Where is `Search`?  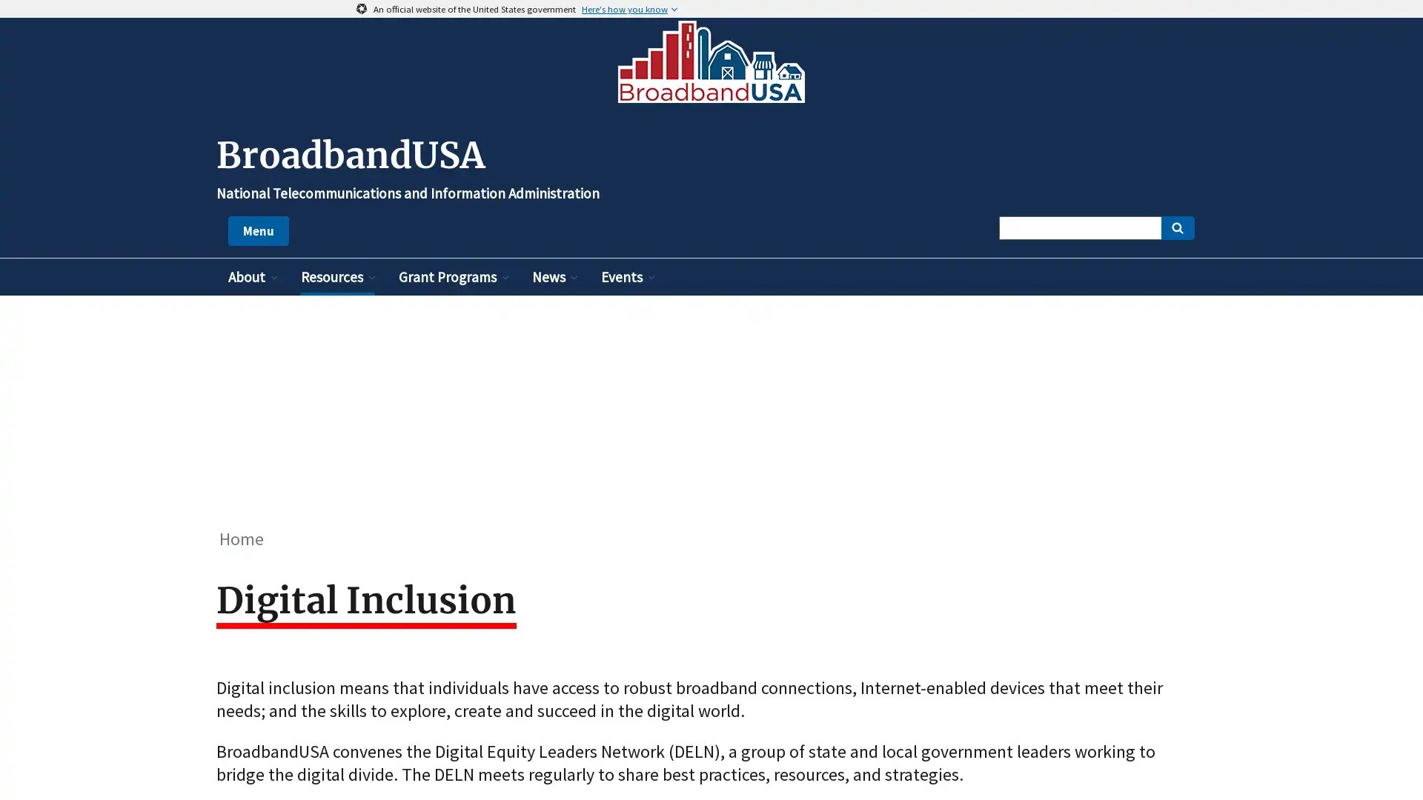
Search is located at coordinates (1176, 228).